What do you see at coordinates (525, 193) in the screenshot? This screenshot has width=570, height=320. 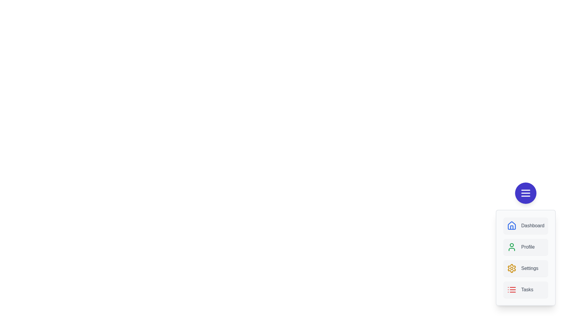 I see `menu button to toggle the menu's visibility` at bounding box center [525, 193].